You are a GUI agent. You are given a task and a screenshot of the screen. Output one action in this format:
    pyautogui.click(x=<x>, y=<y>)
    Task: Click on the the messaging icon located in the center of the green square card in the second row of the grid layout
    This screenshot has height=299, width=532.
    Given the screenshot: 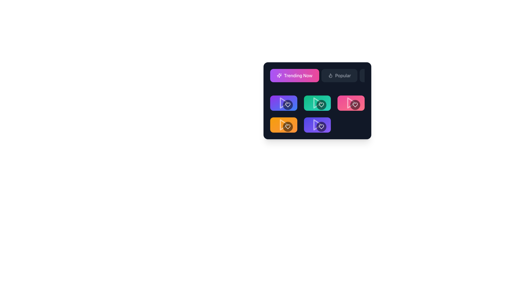 What is the action you would take?
    pyautogui.click(x=311, y=101)
    